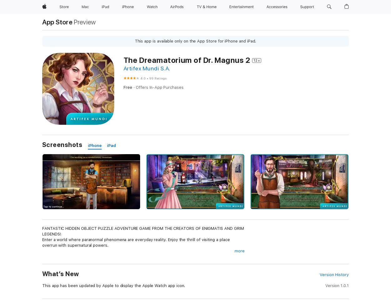 The width and height of the screenshot is (391, 303). Describe the element at coordinates (60, 273) in the screenshot. I see `'What’s New'` at that location.